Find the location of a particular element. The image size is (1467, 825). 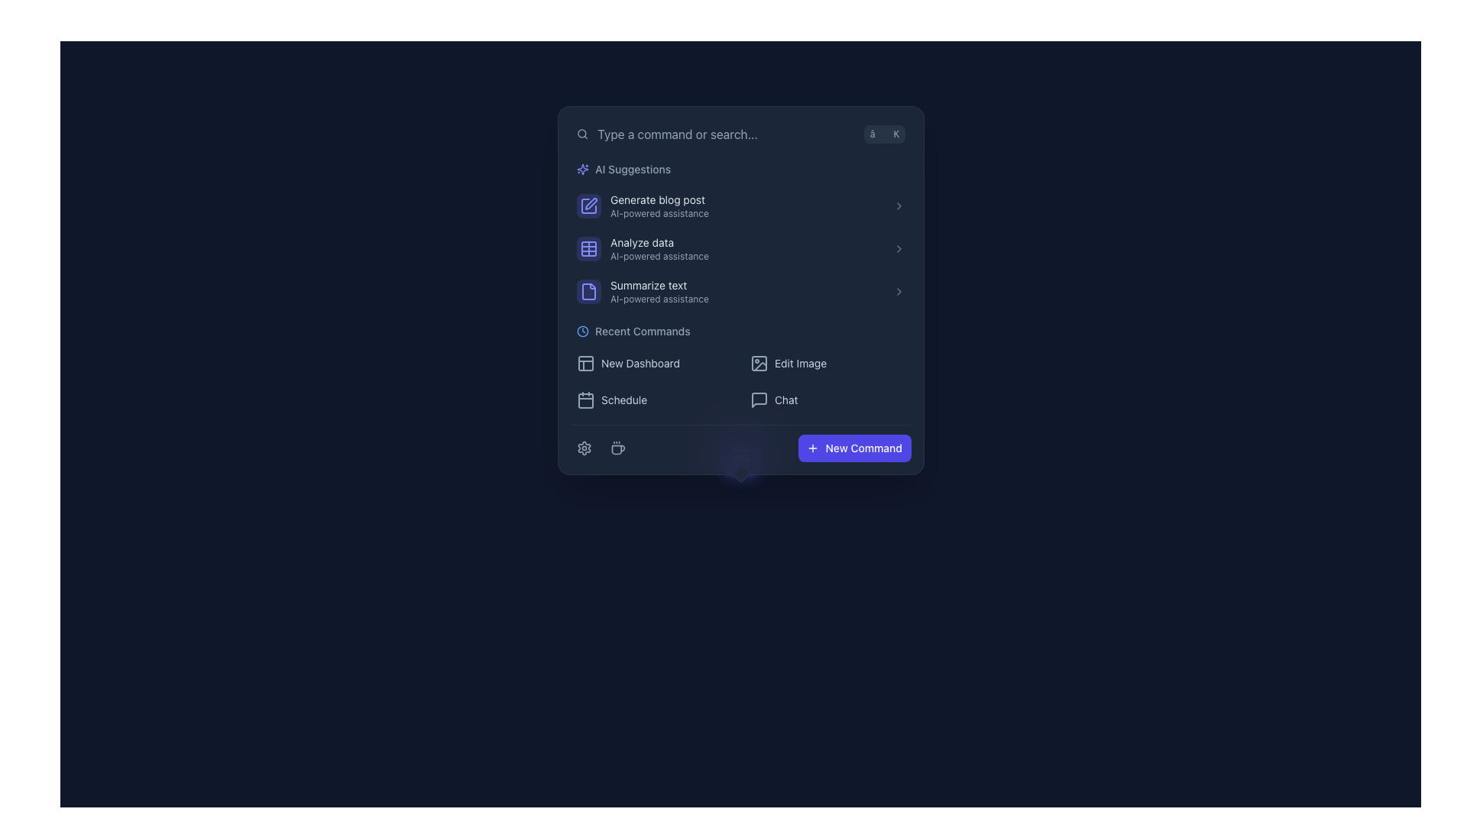

the text label displaying 'New Dashboard' in light gray color is located at coordinates (640, 363).